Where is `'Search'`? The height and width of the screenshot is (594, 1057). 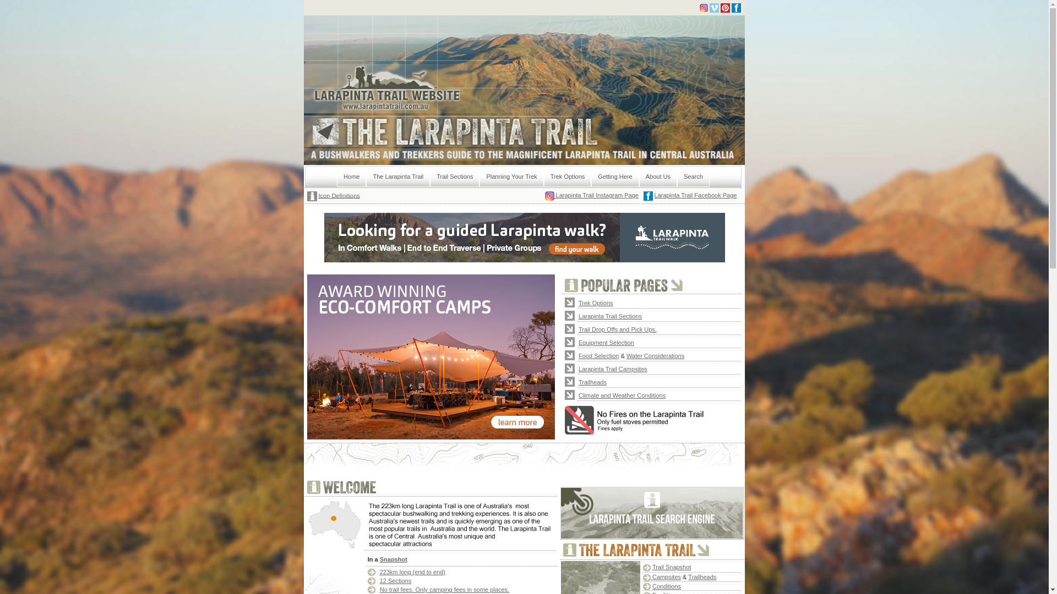 'Search' is located at coordinates (693, 176).